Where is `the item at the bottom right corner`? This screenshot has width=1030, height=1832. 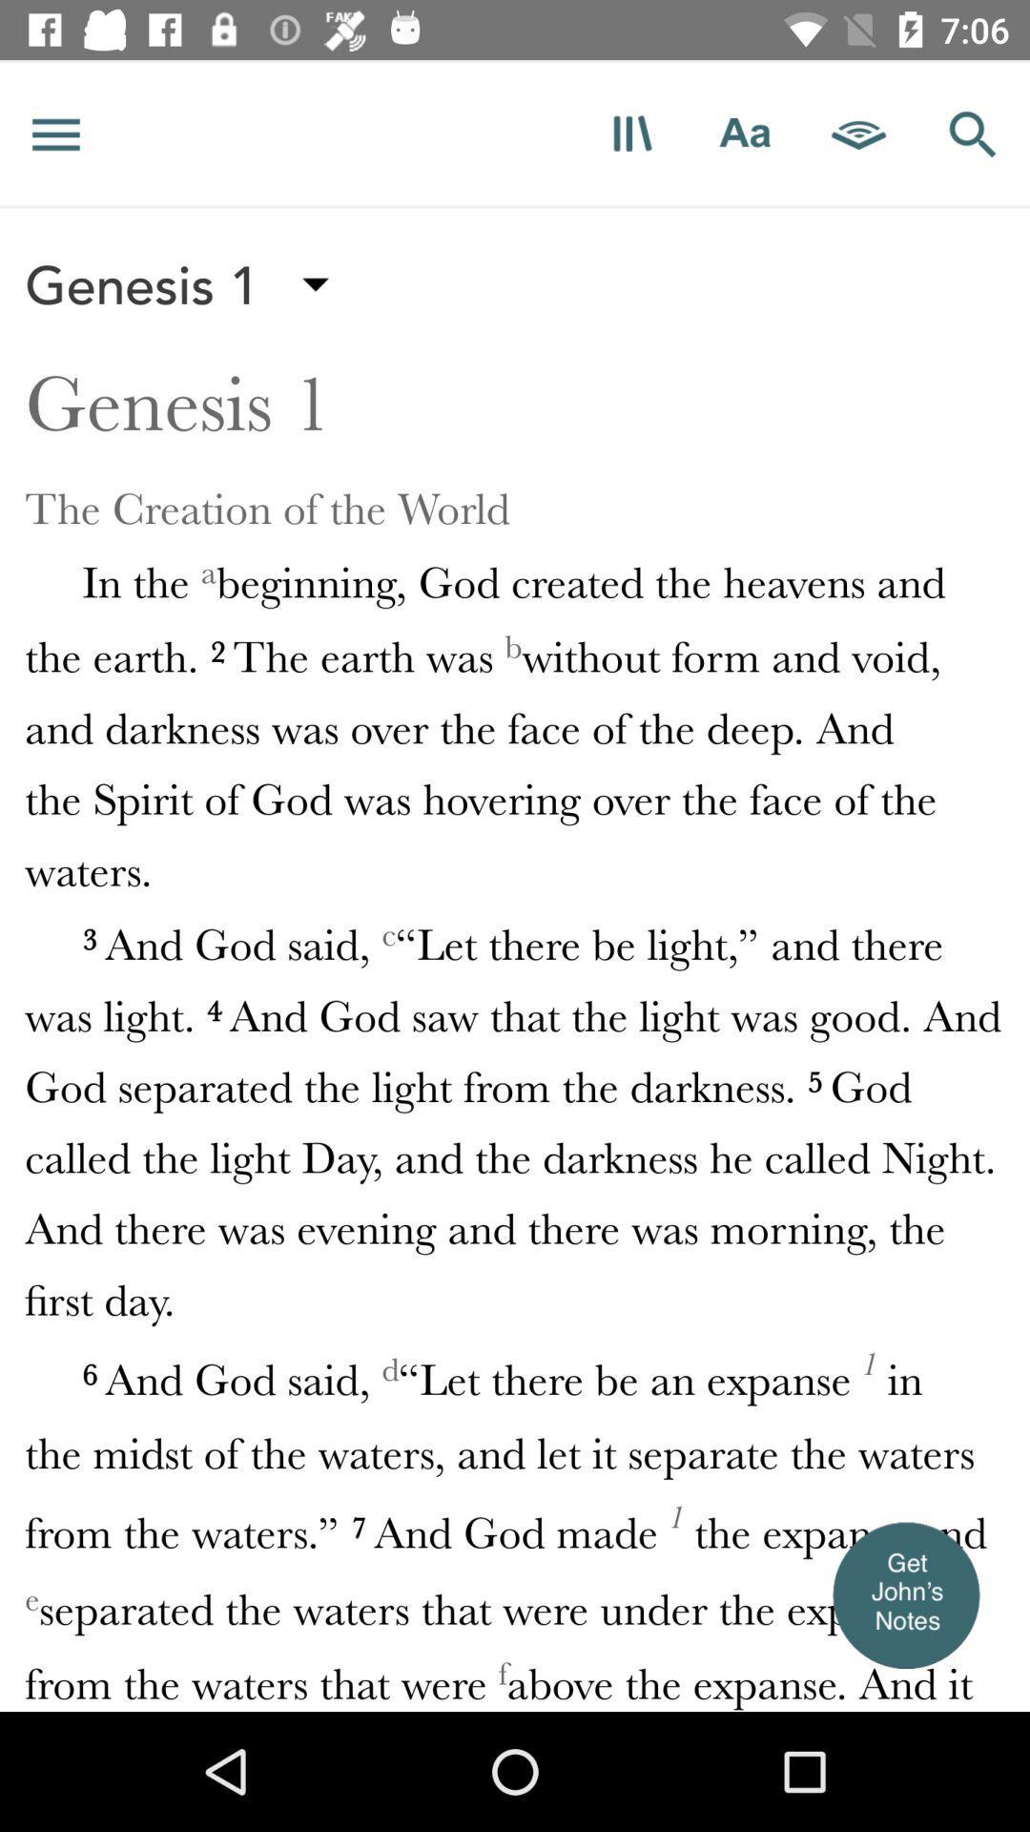
the item at the bottom right corner is located at coordinates (904, 1594).